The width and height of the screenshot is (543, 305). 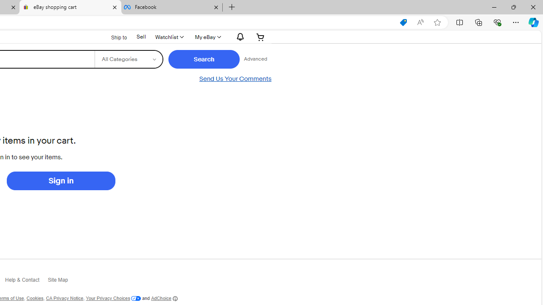 I want to click on 'Sell', so click(x=141, y=36).